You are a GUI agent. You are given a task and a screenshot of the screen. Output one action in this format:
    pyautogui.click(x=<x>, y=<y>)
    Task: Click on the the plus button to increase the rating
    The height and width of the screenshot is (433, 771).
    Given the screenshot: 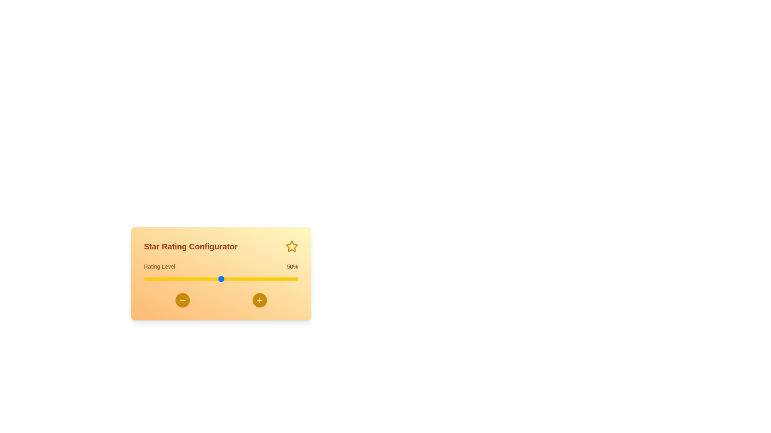 What is the action you would take?
    pyautogui.click(x=259, y=300)
    